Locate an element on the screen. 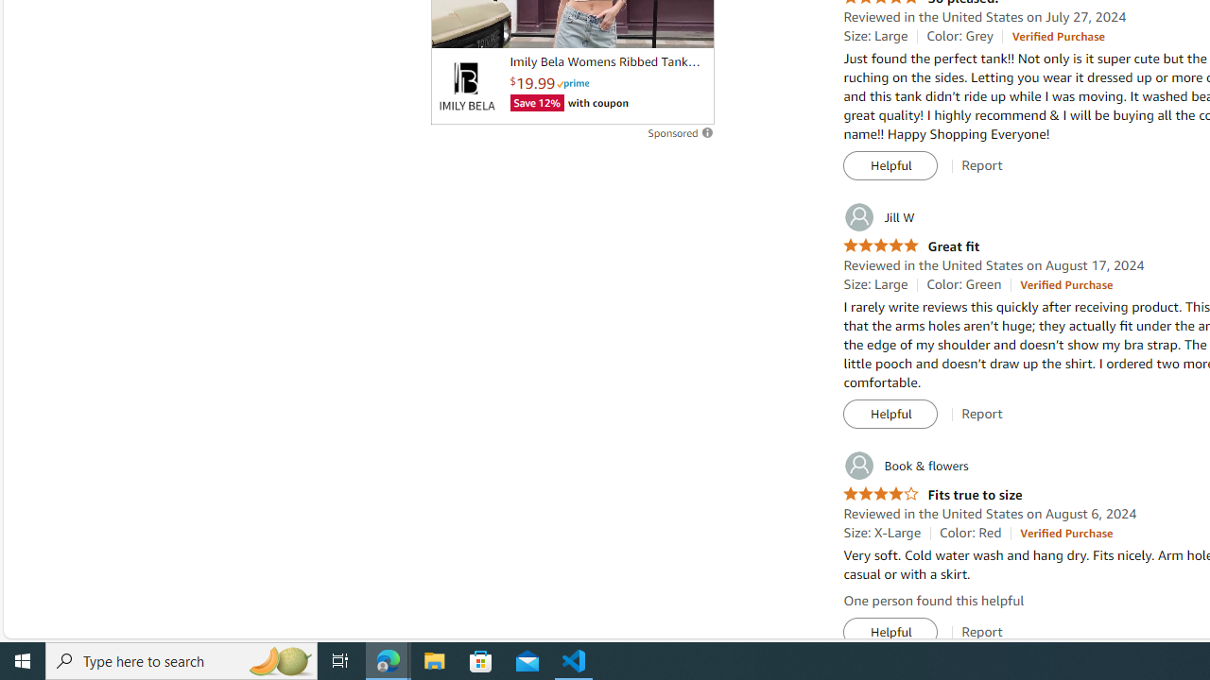 This screenshot has width=1210, height=680. 'Logo' is located at coordinates (466, 86).